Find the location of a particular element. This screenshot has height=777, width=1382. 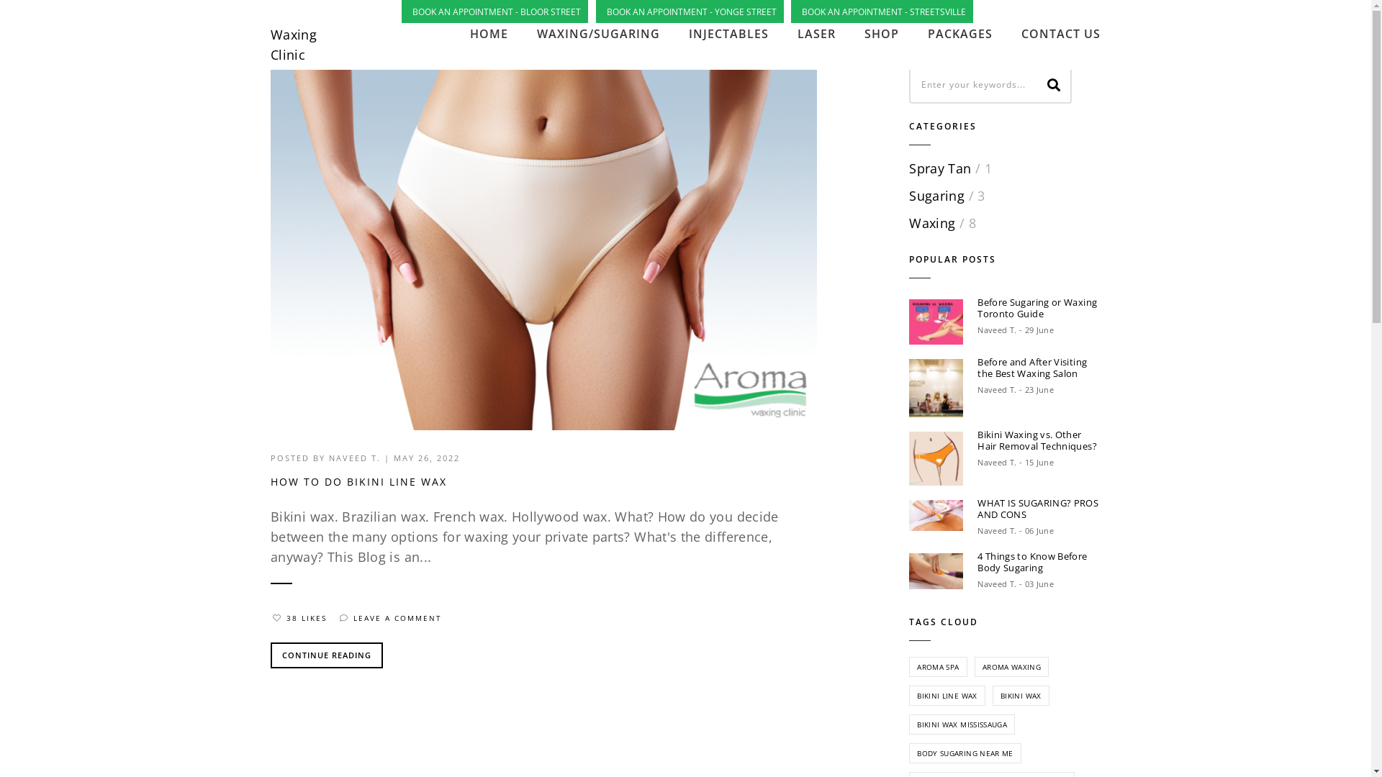

'Spray Tan' is located at coordinates (939, 168).